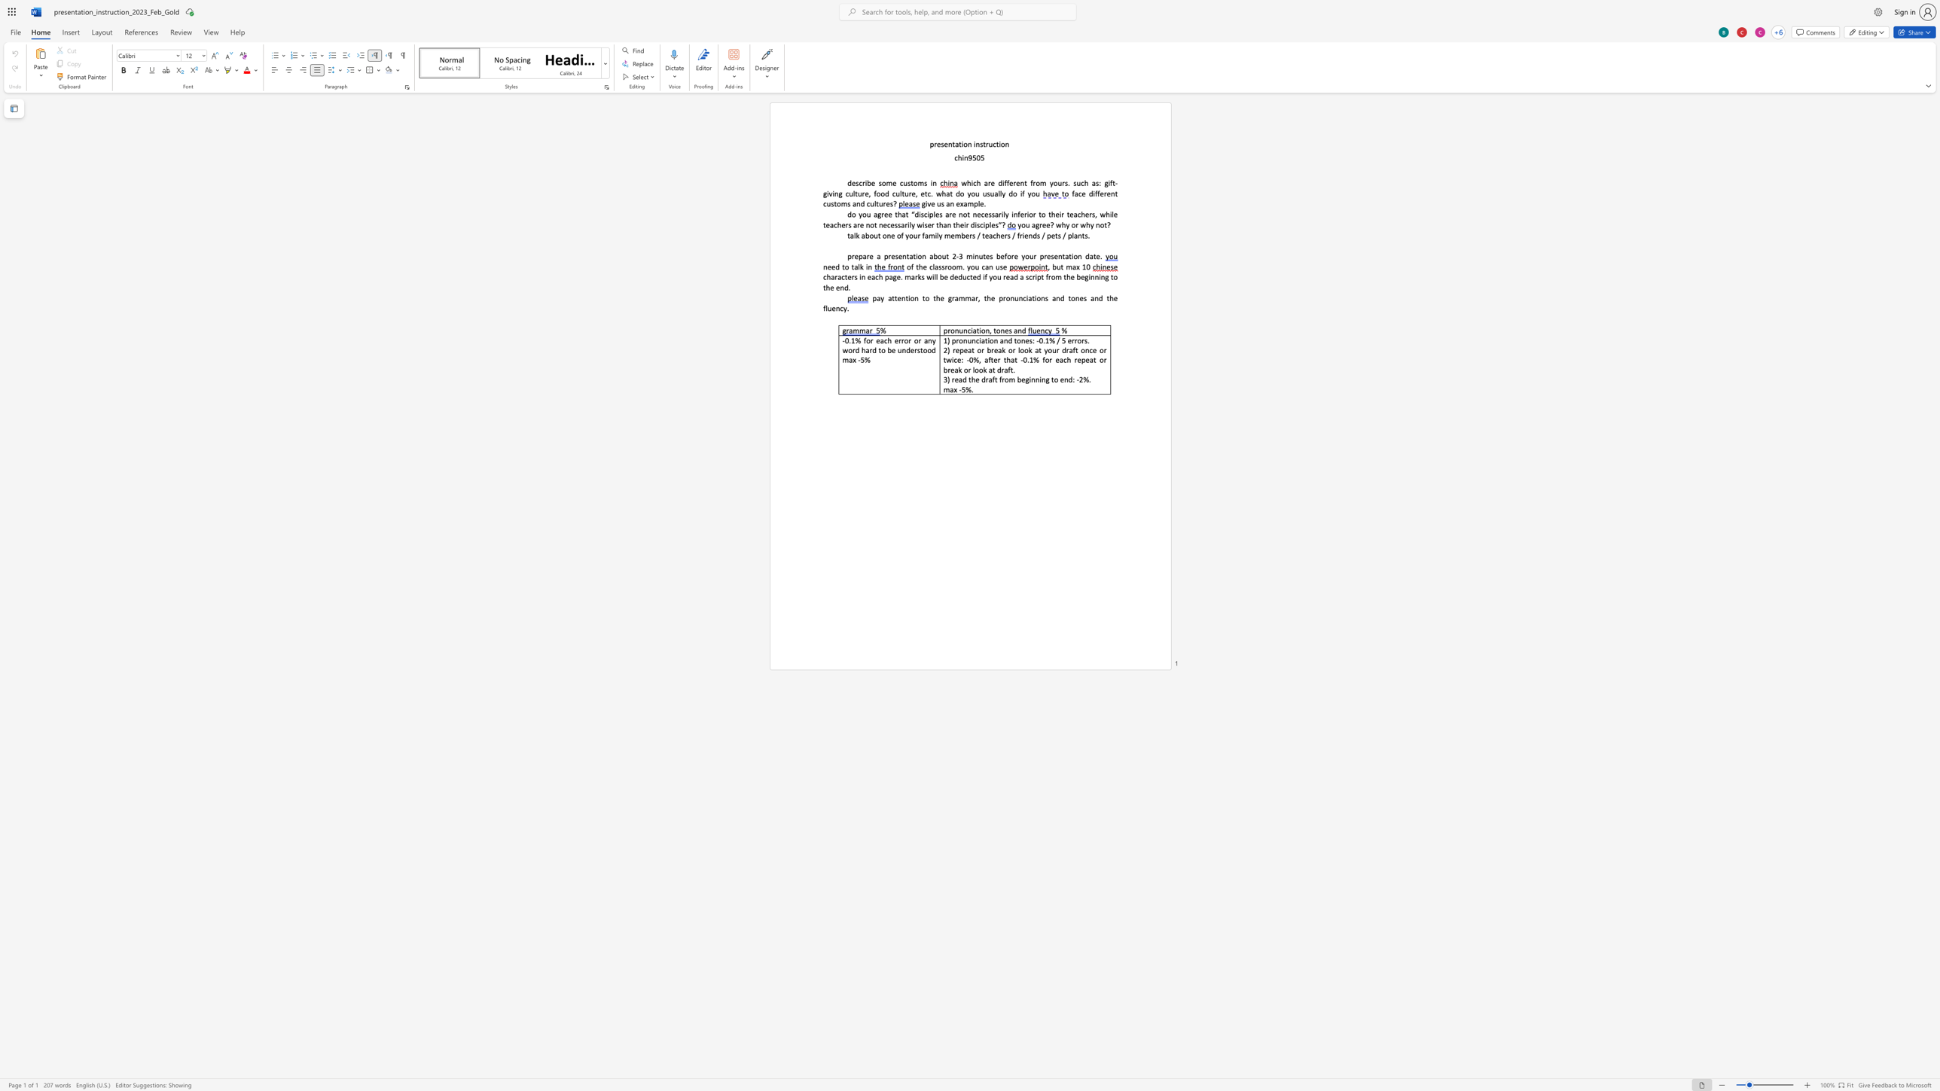  Describe the element at coordinates (1008, 340) in the screenshot. I see `the space between the continuous character "n" and "d" in the text` at that location.